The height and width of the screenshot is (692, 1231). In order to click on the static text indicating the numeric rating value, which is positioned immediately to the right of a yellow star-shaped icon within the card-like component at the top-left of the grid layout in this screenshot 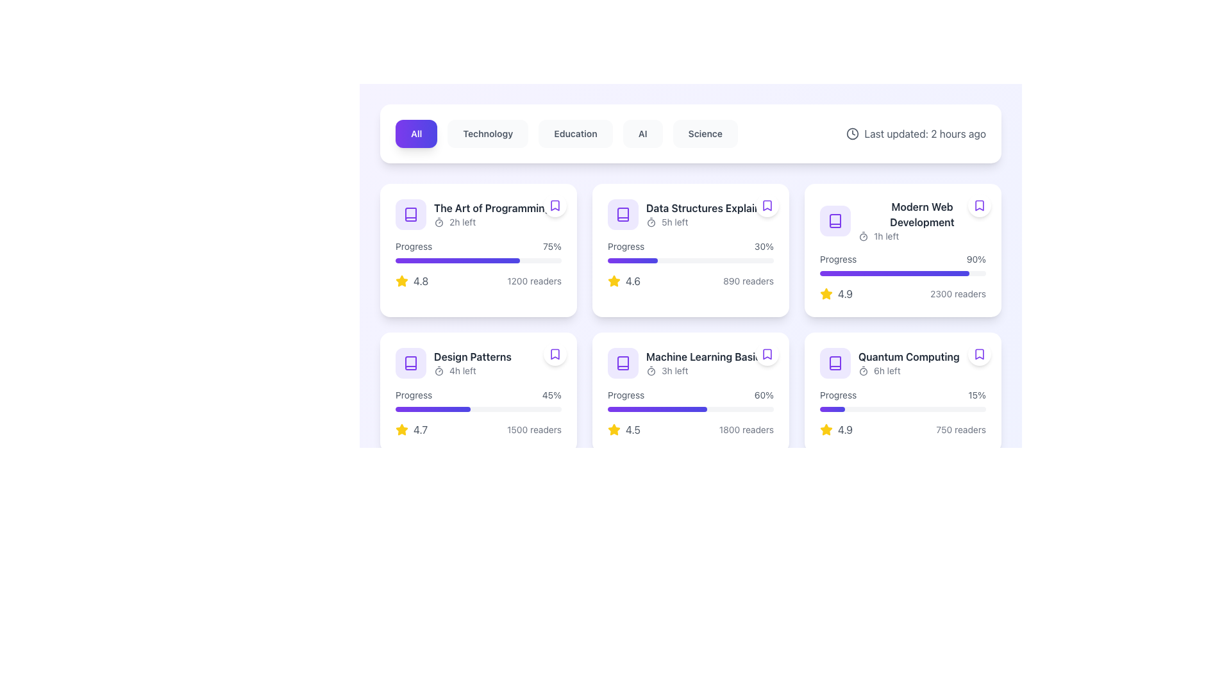, I will do `click(421, 281)`.